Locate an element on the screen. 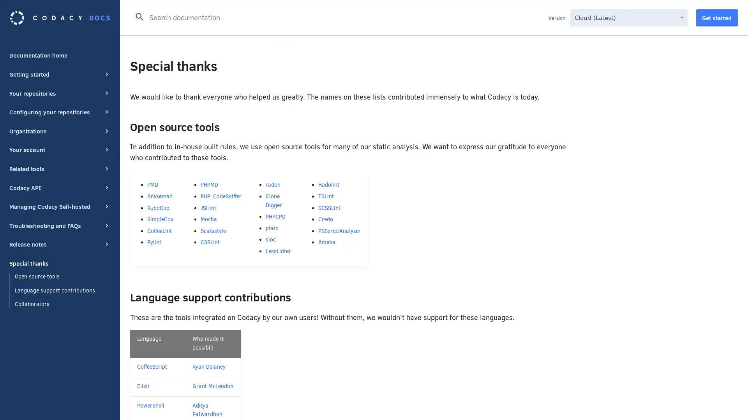  Open Intercom Messenger is located at coordinates (728, 400).